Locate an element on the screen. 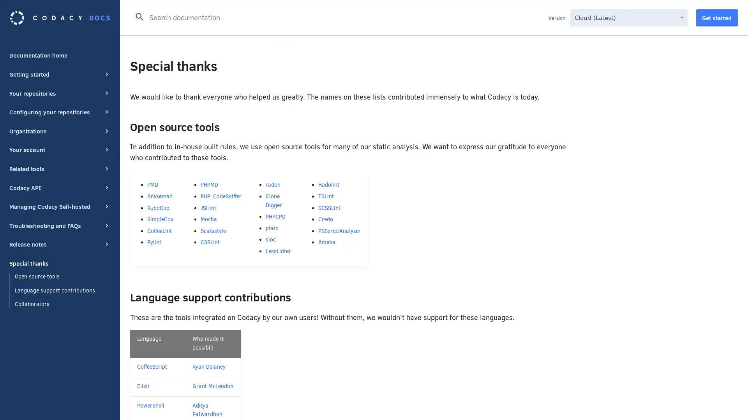  Open Intercom Messenger is located at coordinates (728, 400).